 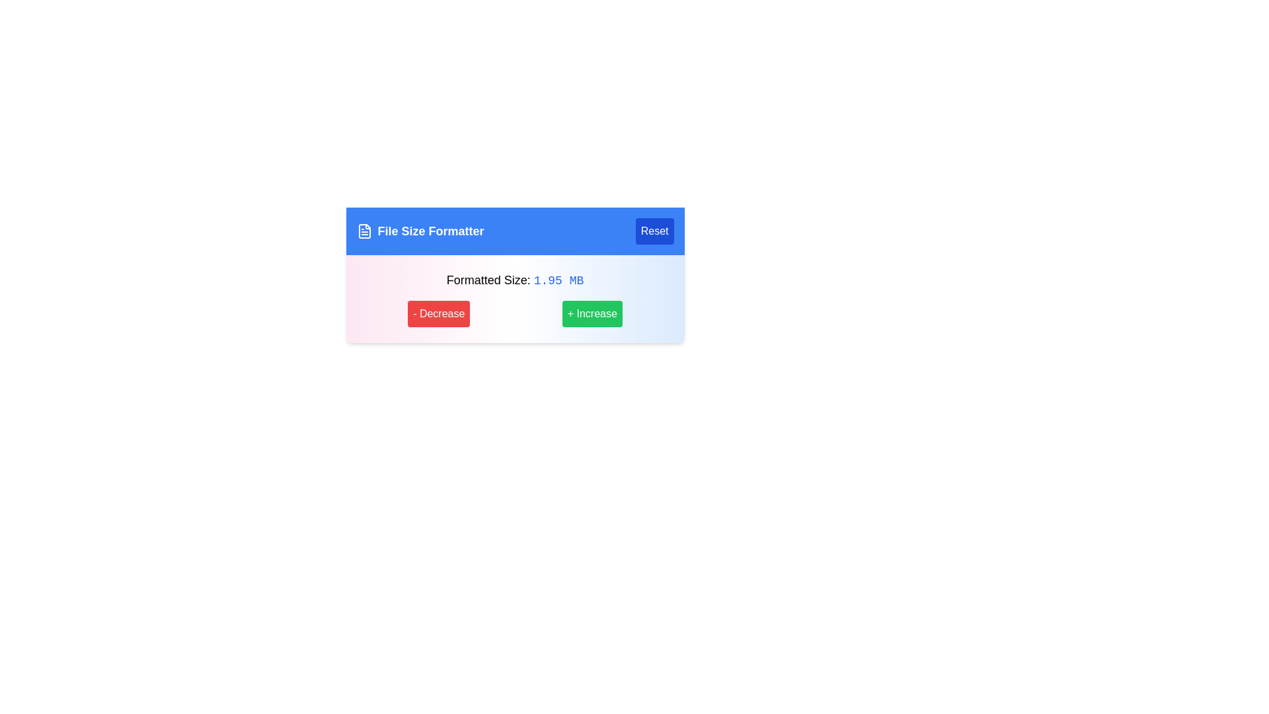 I want to click on formatted size value displayed in the blue, stylized text label located in the center-right part of the sentence, so click(x=558, y=280).